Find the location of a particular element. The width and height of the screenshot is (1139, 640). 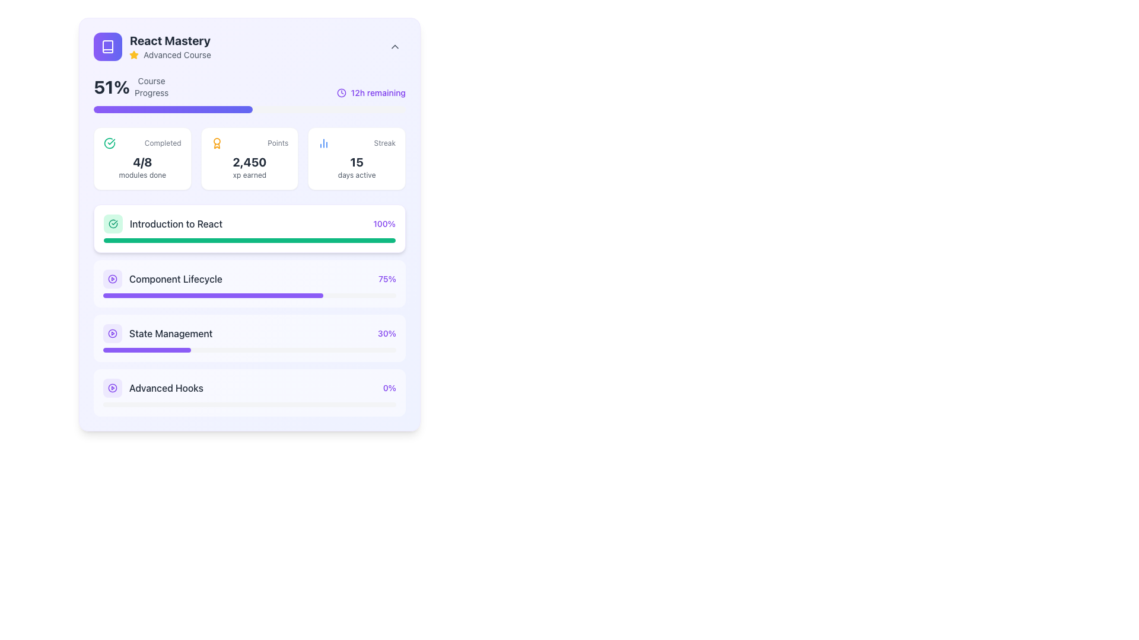

the circular play button with a triangular play symbol, located in the progress tracking section to the left of the 'State Management' item is located at coordinates (113, 279).